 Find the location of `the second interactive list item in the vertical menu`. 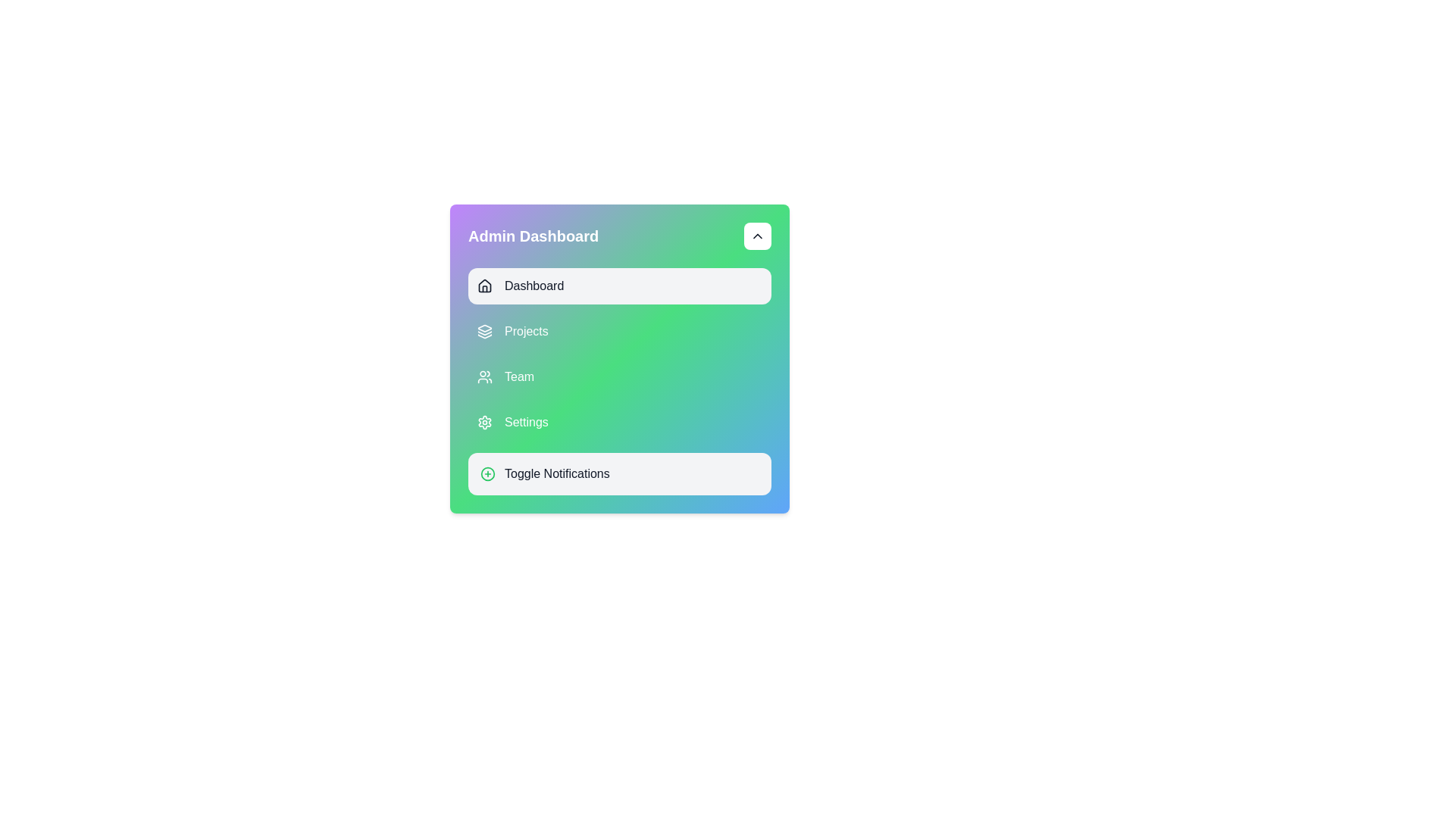

the second interactive list item in the vertical menu is located at coordinates (619, 331).